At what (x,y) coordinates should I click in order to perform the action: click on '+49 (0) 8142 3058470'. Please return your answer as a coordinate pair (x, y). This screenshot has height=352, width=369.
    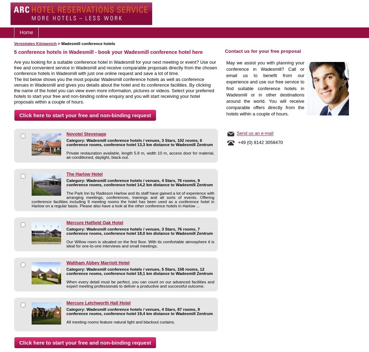
    Looking at the image, I should click on (259, 142).